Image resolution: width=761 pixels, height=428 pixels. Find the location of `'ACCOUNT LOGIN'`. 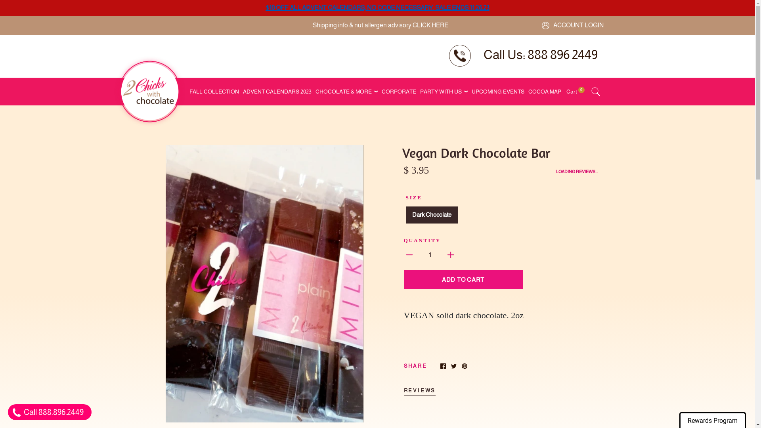

'ACCOUNT LOGIN' is located at coordinates (572, 25).